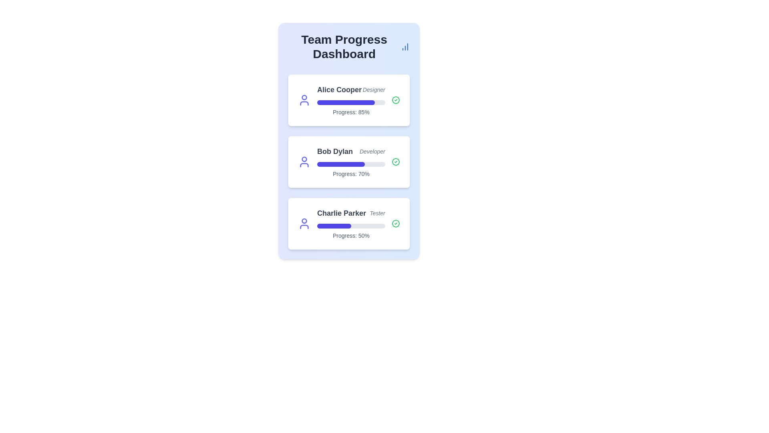 The width and height of the screenshot is (769, 433). Describe the element at coordinates (304, 221) in the screenshot. I see `the decorative Circle graphics element representing the user's head in the user icon for 'Charlie Parker', located in the dashboard` at that location.